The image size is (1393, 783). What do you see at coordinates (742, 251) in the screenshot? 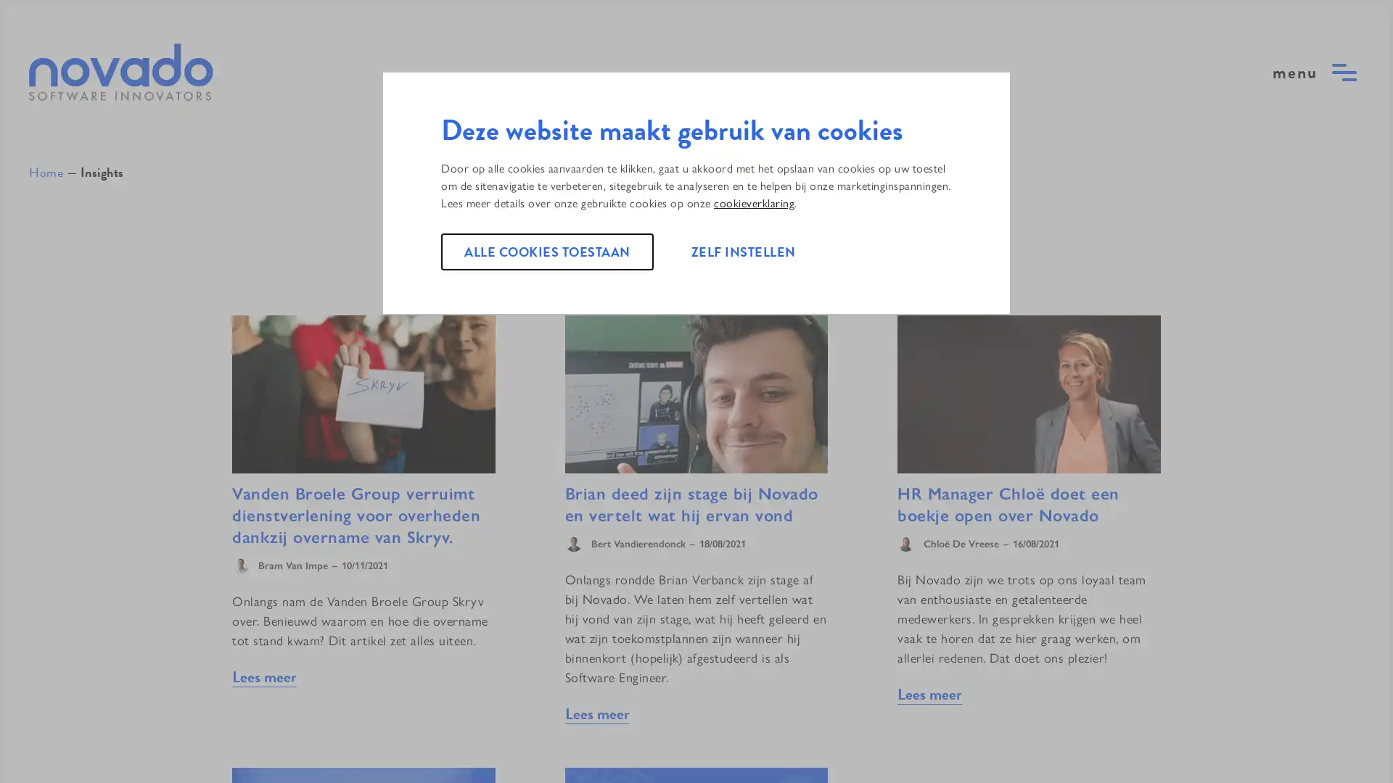
I see `ZELF INSTELLEN` at bounding box center [742, 251].